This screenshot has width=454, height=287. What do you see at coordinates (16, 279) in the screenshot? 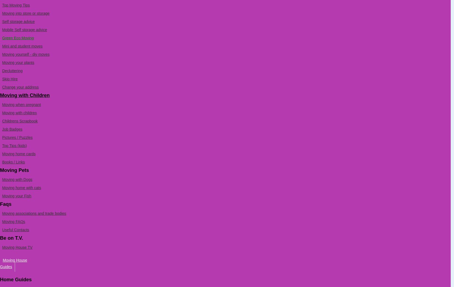
I see `'Home Guides'` at bounding box center [16, 279].